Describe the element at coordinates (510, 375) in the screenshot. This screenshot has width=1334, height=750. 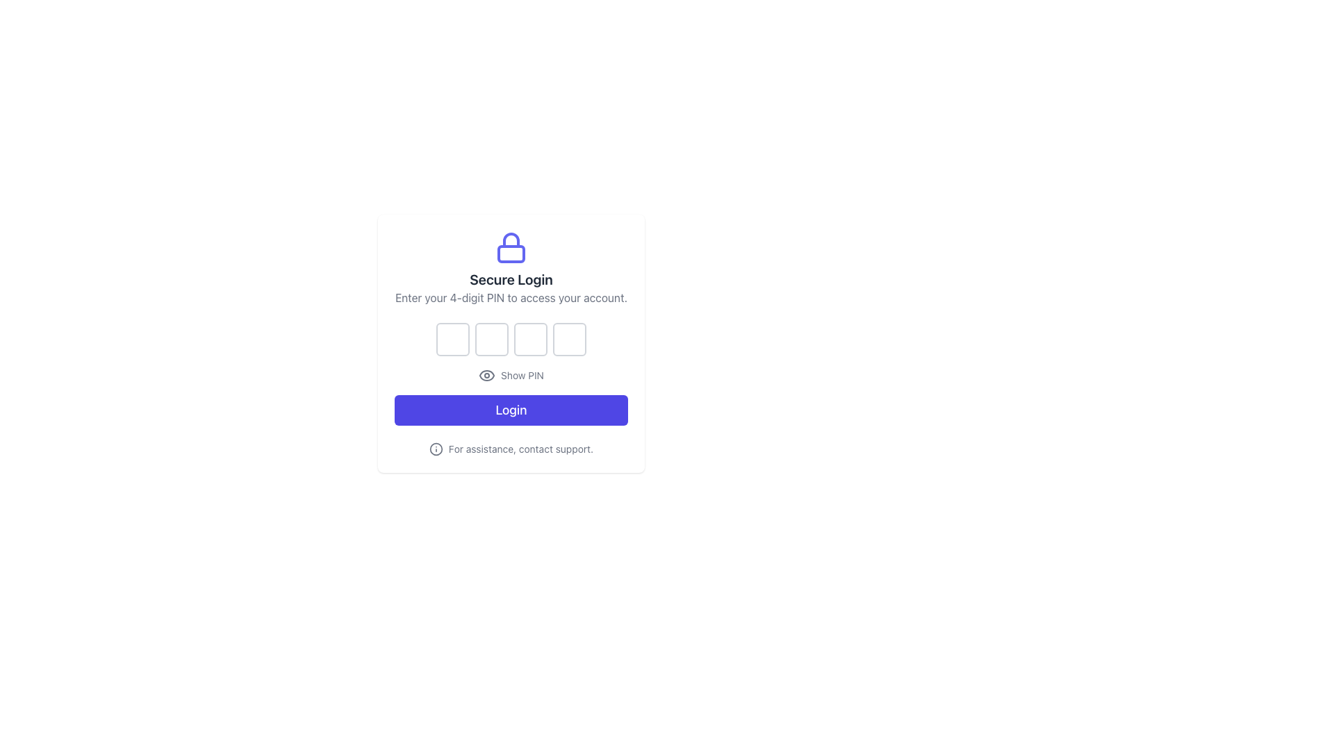
I see `the 'Show PIN' button that combines an eye icon and text, positioned below the PIN entry boxes and above the 'Login' button` at that location.